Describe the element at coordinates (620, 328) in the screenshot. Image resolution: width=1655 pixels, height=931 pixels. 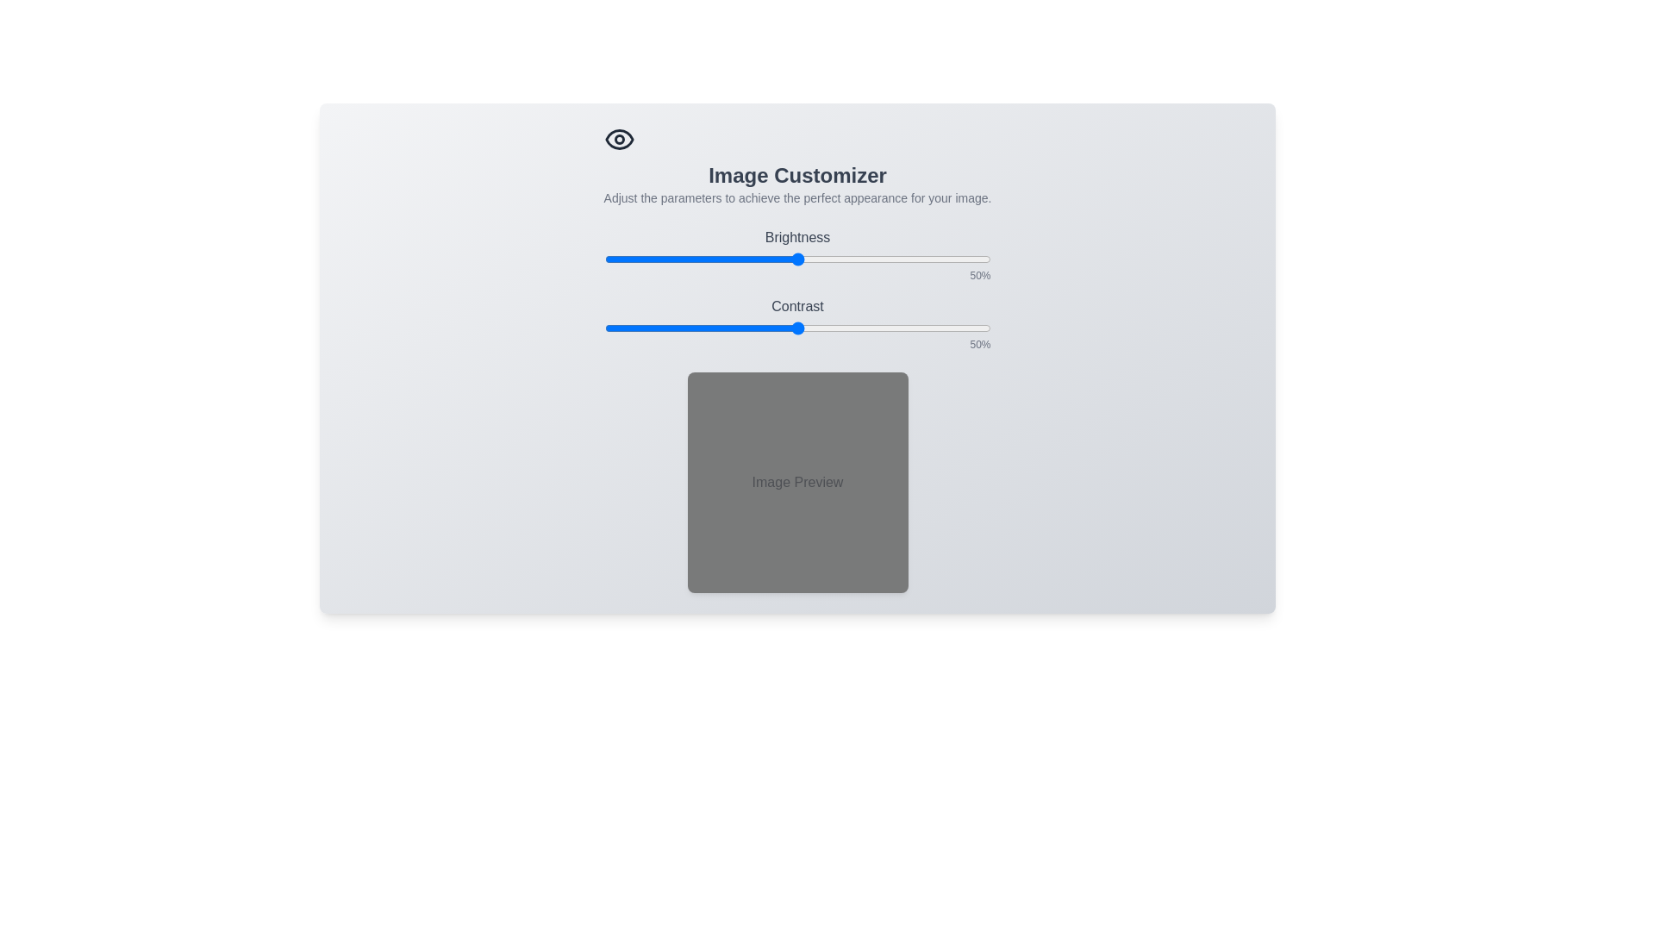
I see `the contrast slider to 4%` at that location.